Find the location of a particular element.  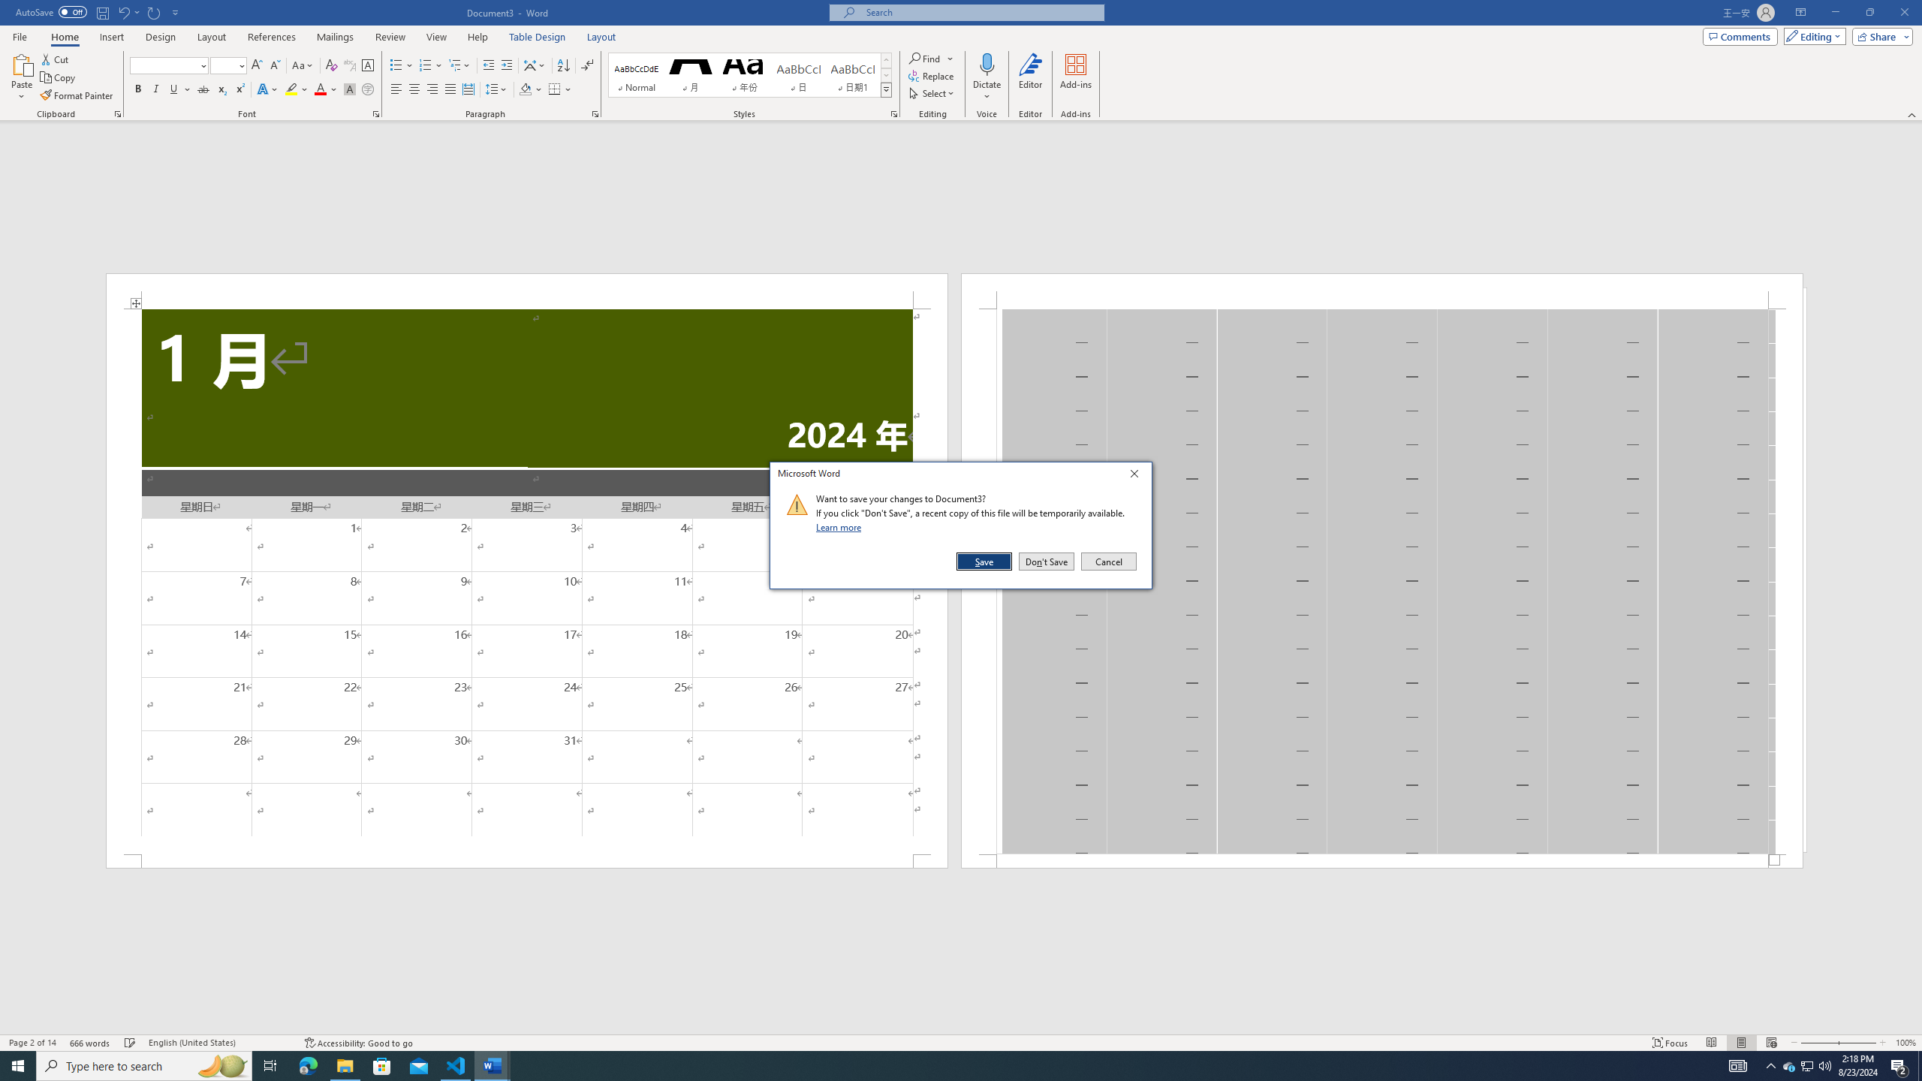

'Styles' is located at coordinates (885, 89).